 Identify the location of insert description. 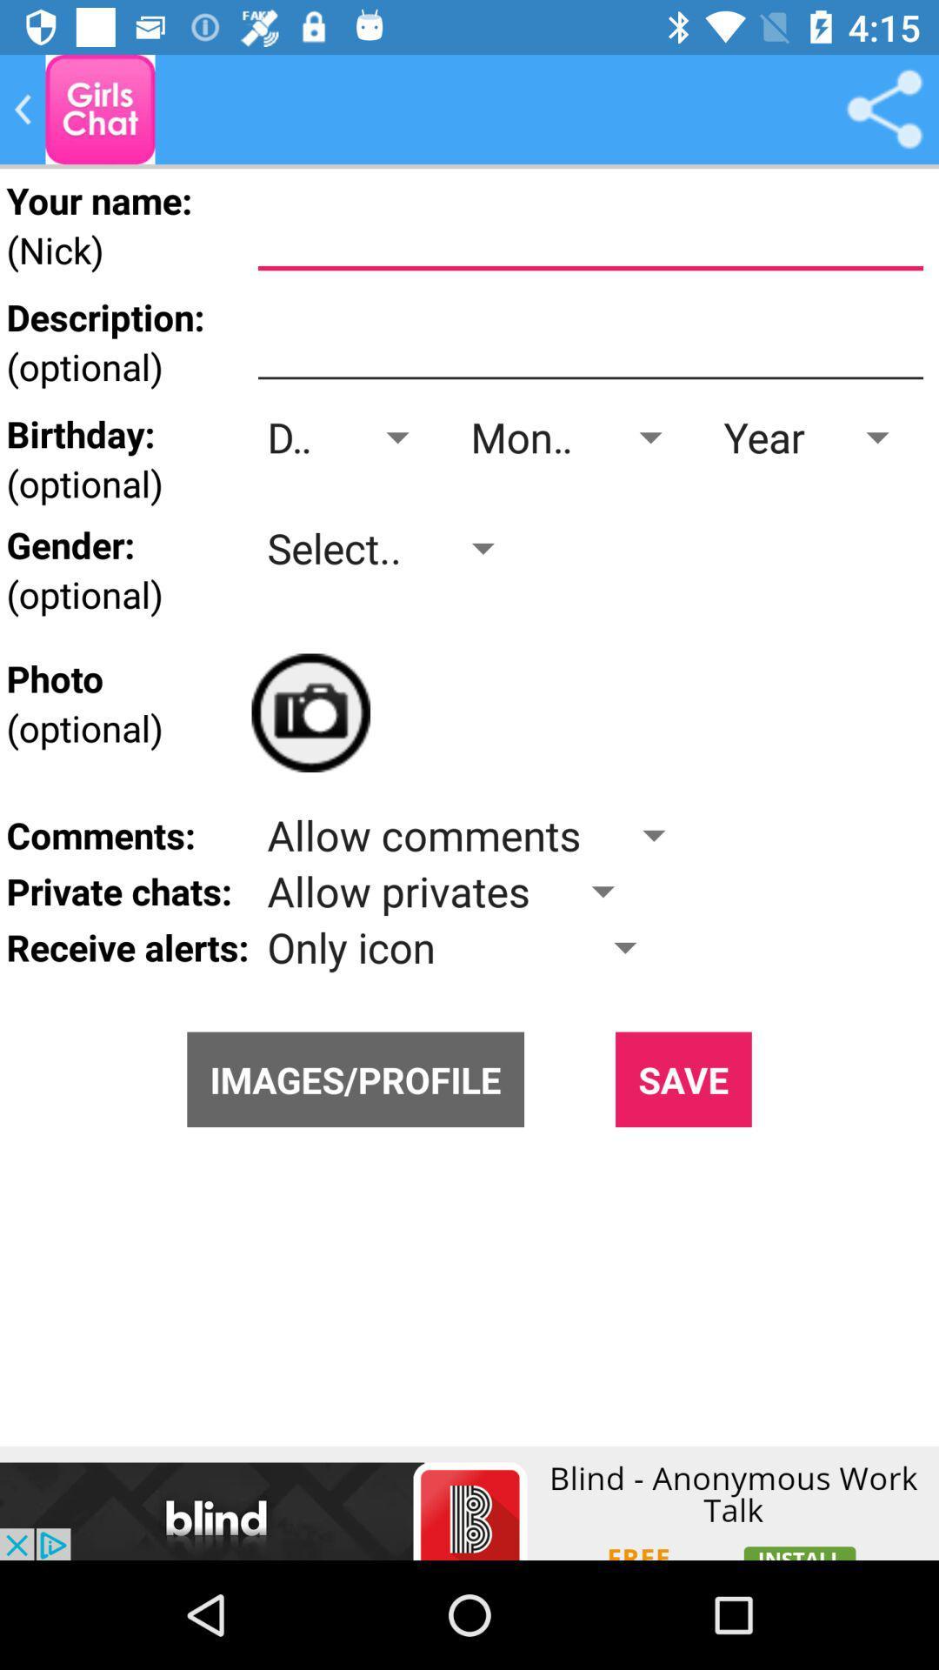
(589, 342).